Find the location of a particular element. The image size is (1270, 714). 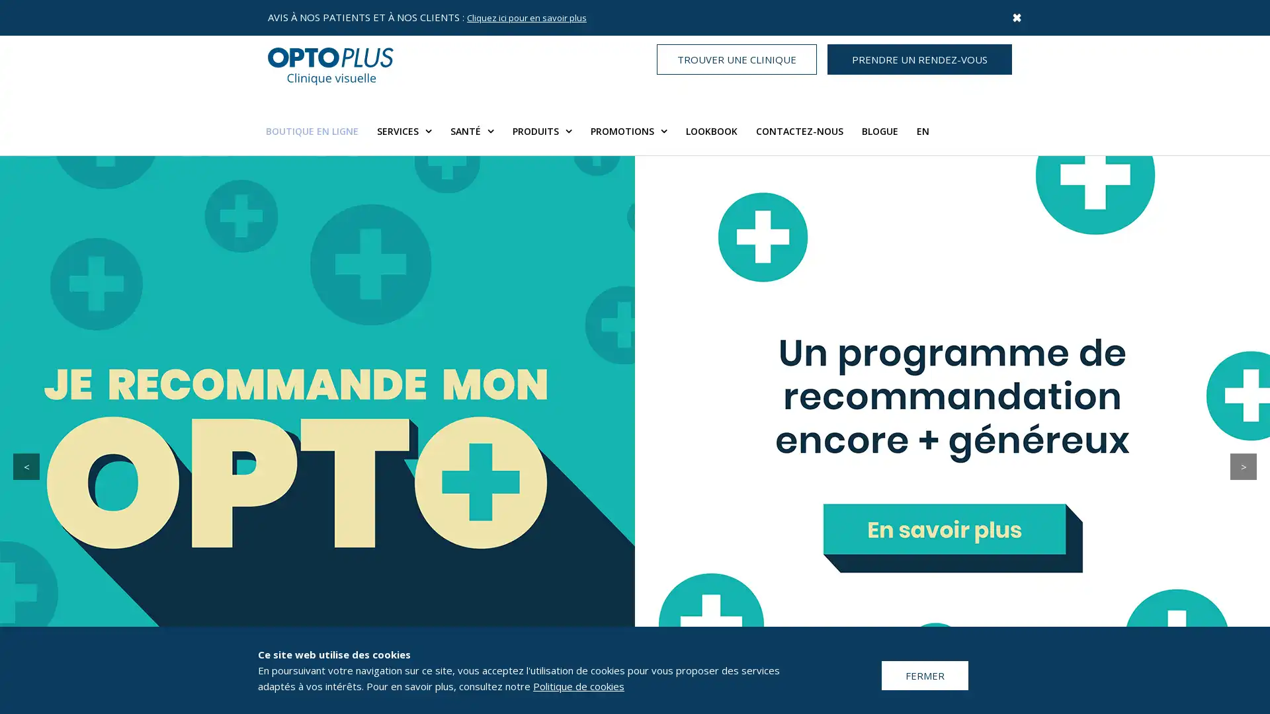

FERMER is located at coordinates (924, 675).